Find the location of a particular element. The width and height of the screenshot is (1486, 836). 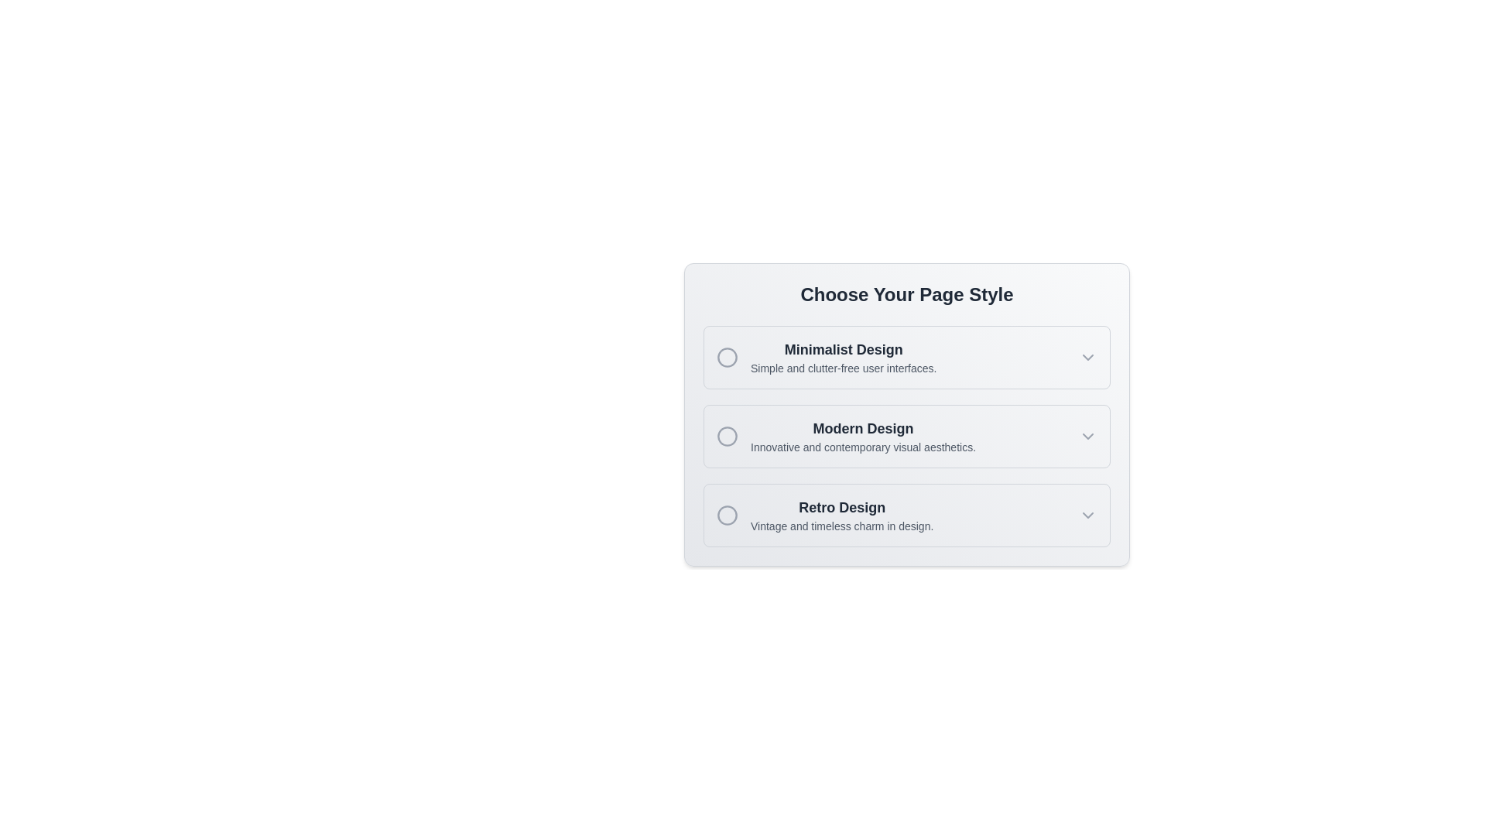

text display component titled 'Retro Design' that provides a subtitle 'Vintage and timeless charm in design' to understand the option description is located at coordinates (841, 516).